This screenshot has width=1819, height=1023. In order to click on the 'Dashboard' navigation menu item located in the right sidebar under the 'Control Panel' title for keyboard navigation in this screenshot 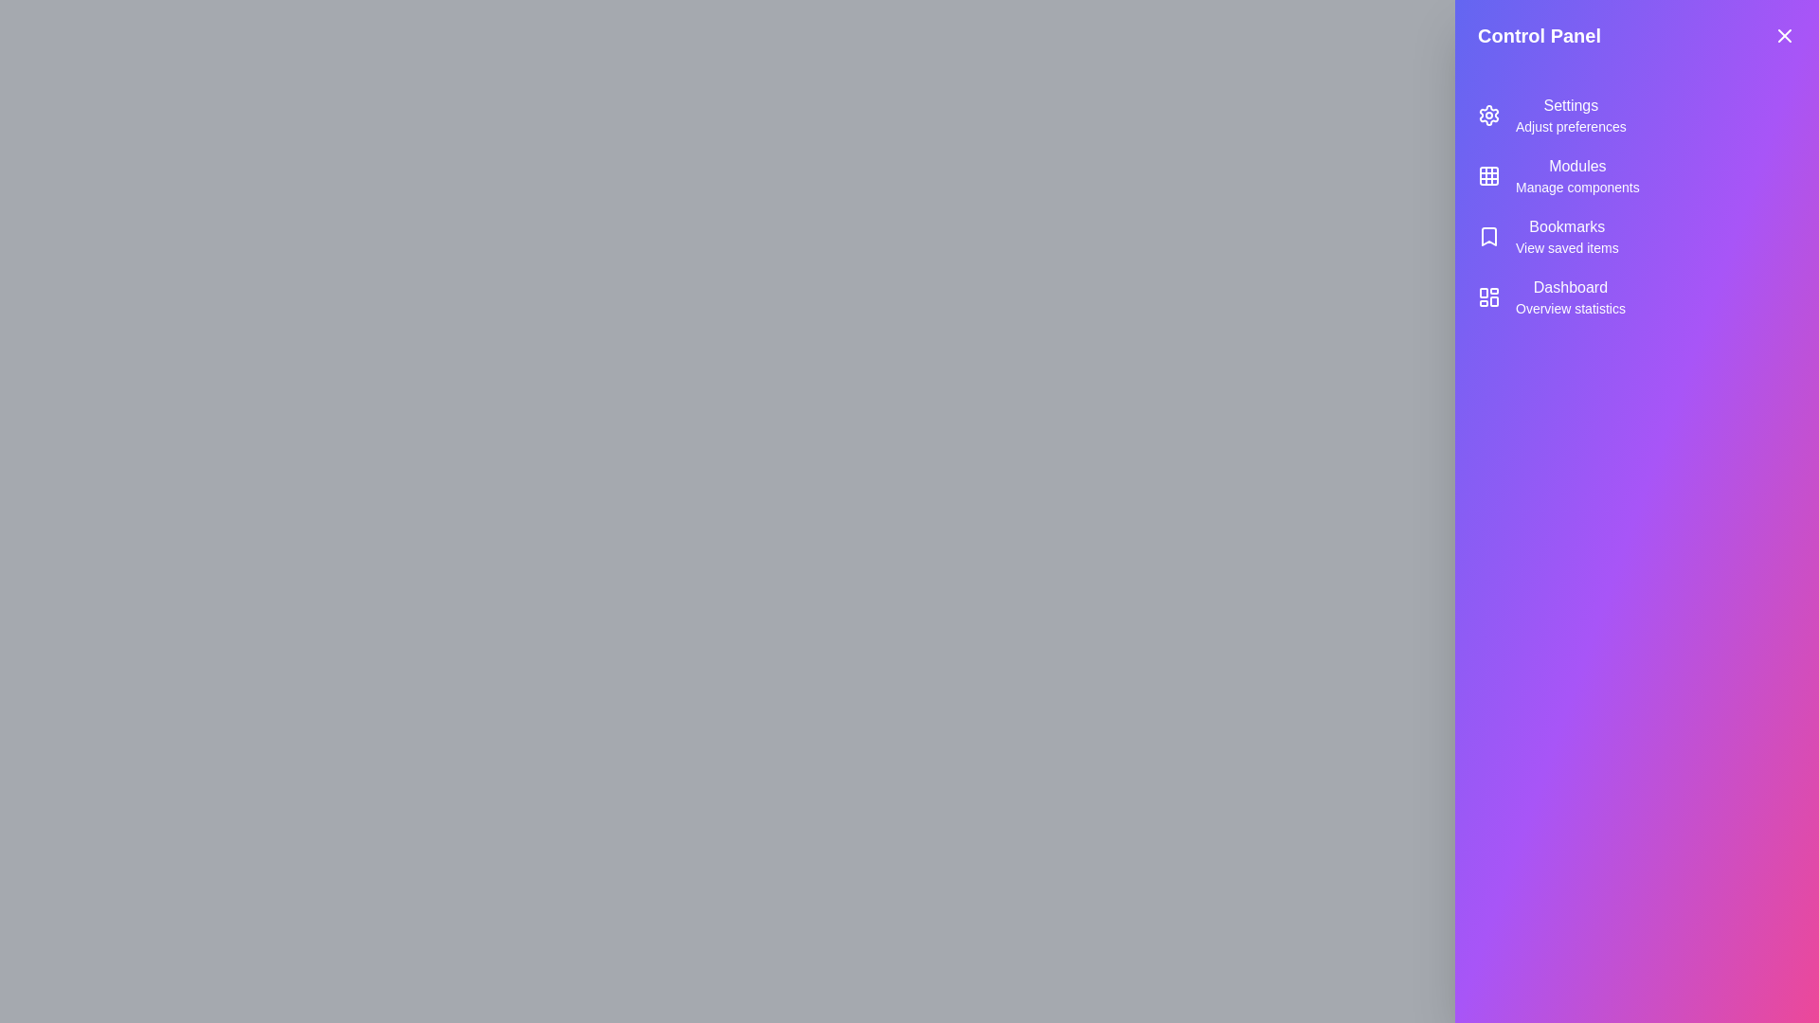, I will do `click(1636, 296)`.